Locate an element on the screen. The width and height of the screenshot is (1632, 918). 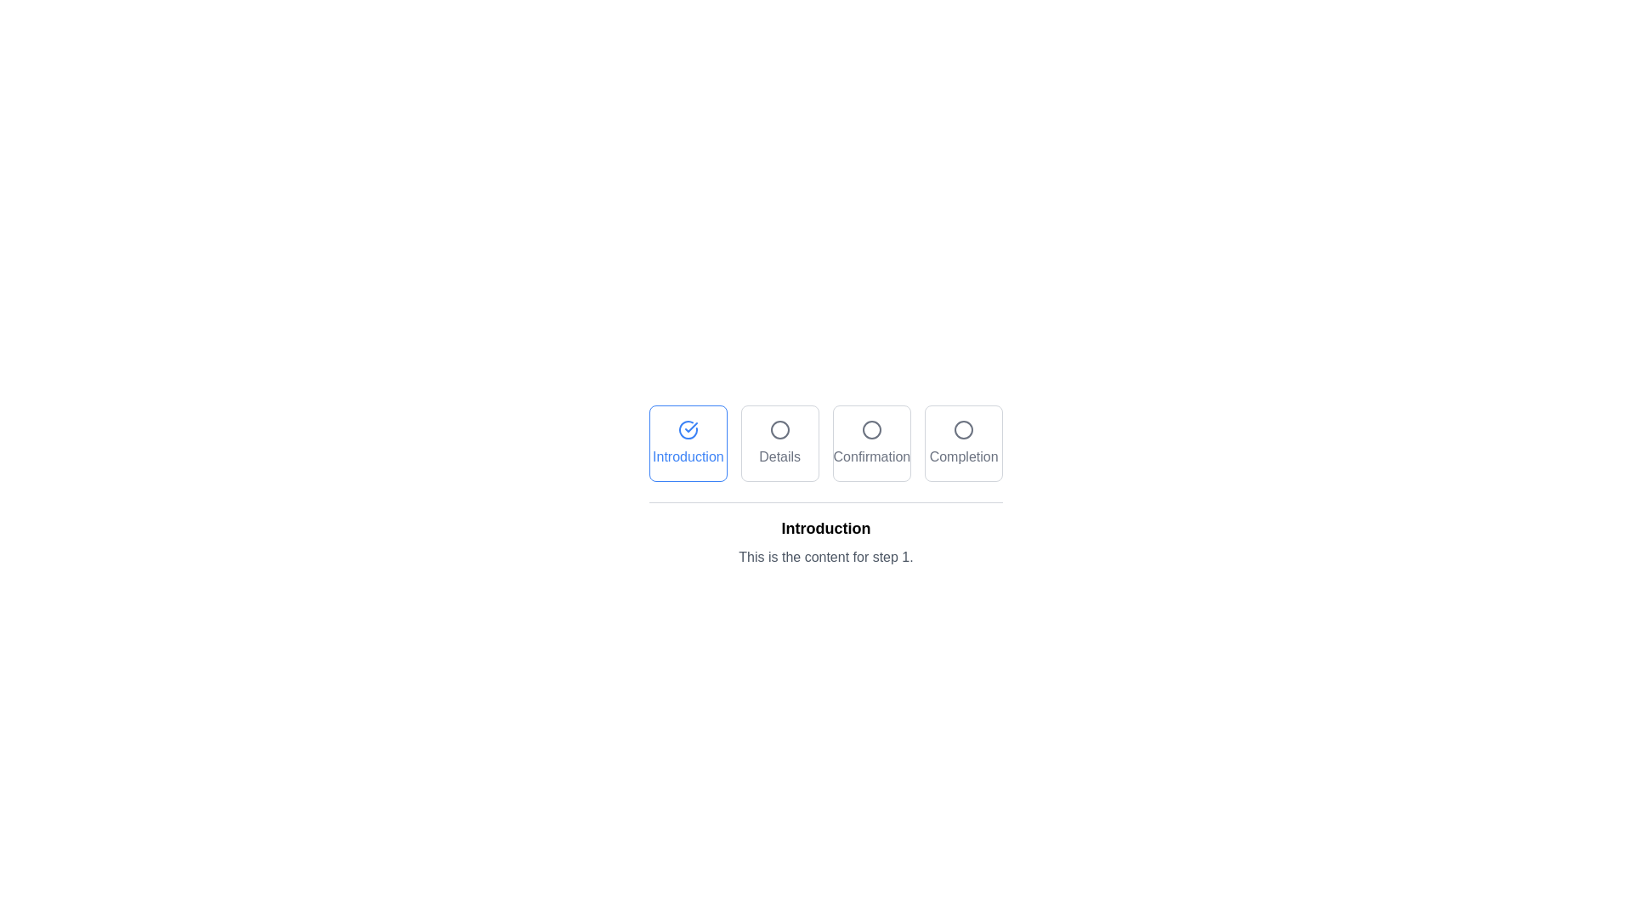
the text label displaying 'Introduction', which is styled in bold blue and located at the center-bottom of the corresponding rectangular button in the top center of the layout is located at coordinates (688, 456).